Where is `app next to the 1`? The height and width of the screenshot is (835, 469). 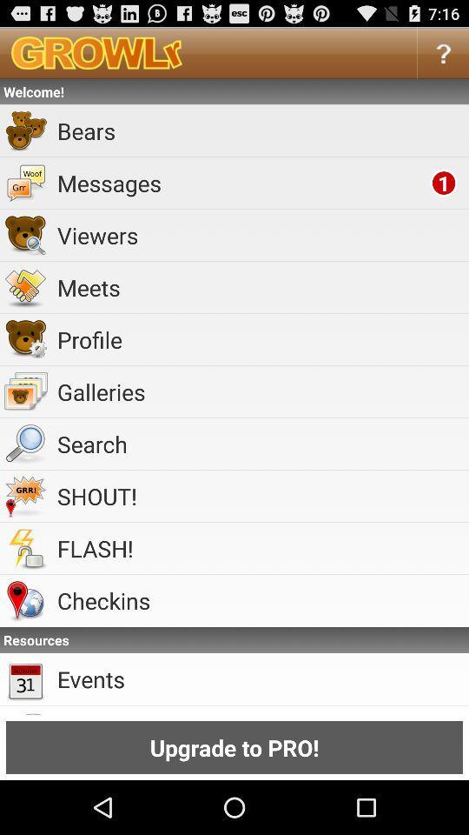 app next to the 1 is located at coordinates (240, 183).